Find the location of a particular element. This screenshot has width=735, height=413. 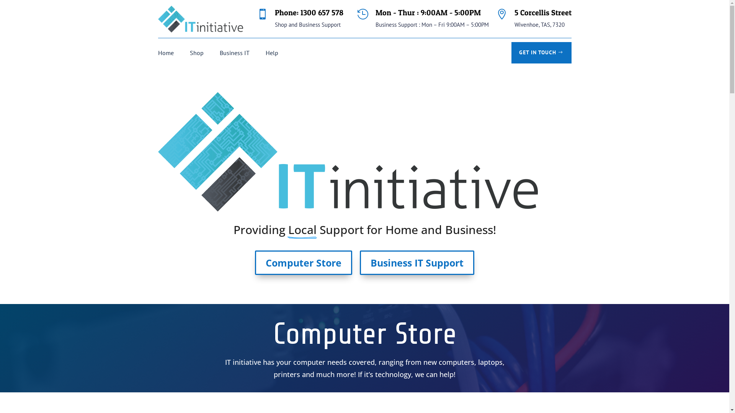

'Business IT' is located at coordinates (234, 54).